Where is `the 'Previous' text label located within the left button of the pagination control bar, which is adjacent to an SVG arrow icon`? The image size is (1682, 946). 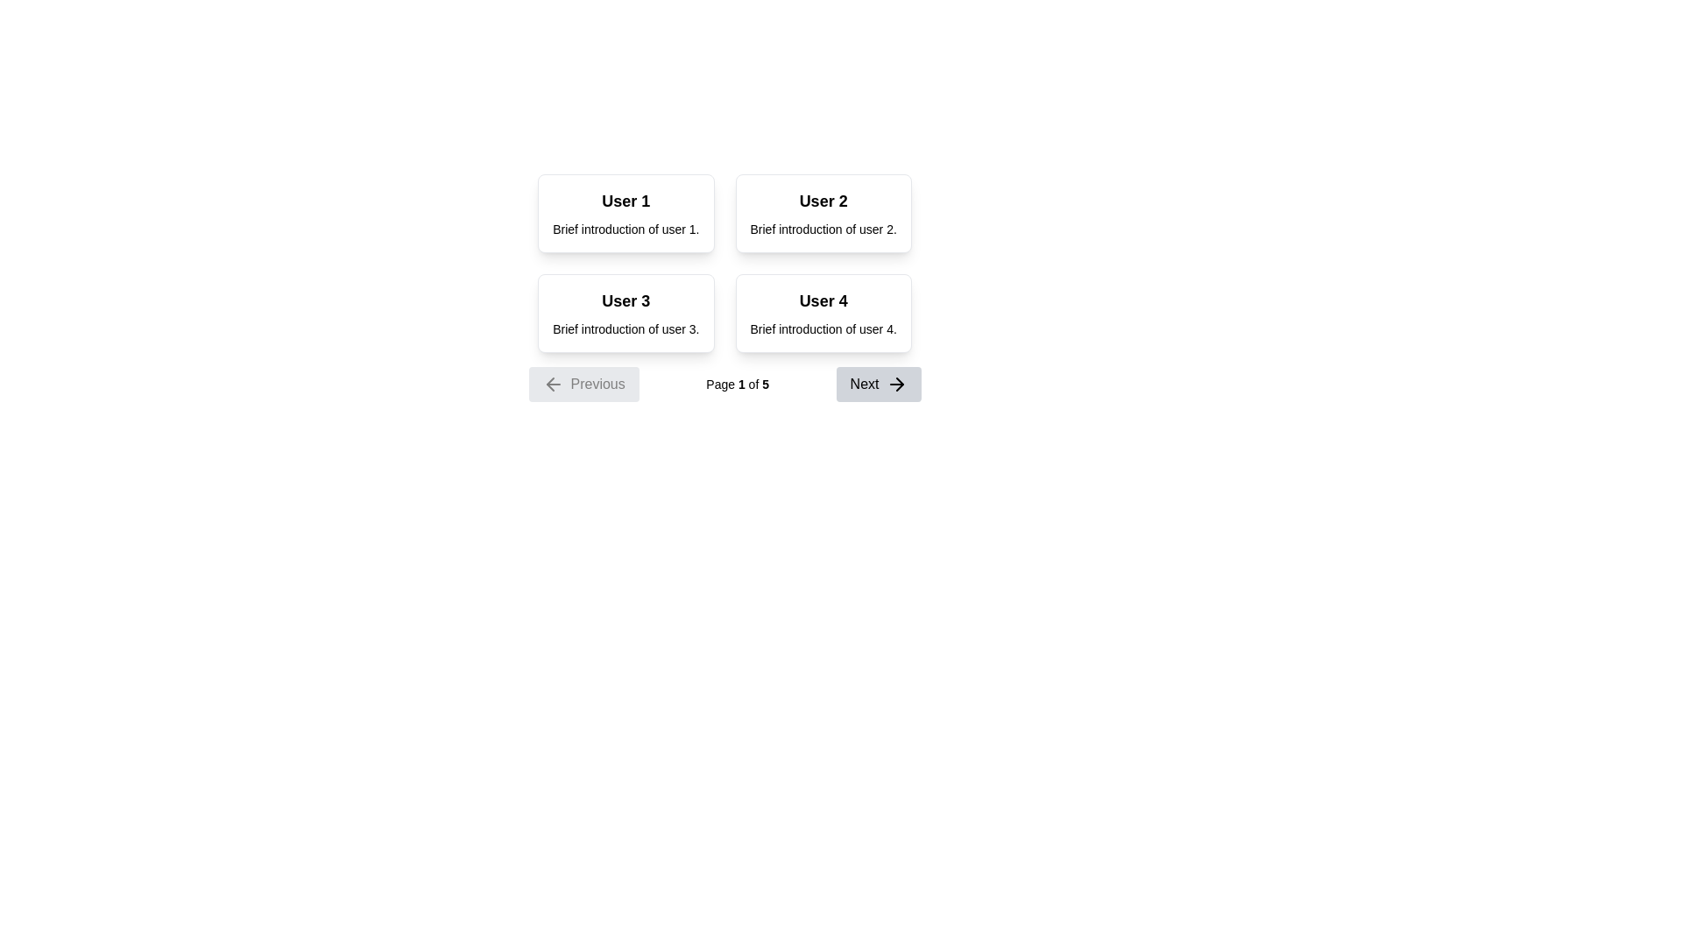 the 'Previous' text label located within the left button of the pagination control bar, which is adjacent to an SVG arrow icon is located at coordinates (597, 384).